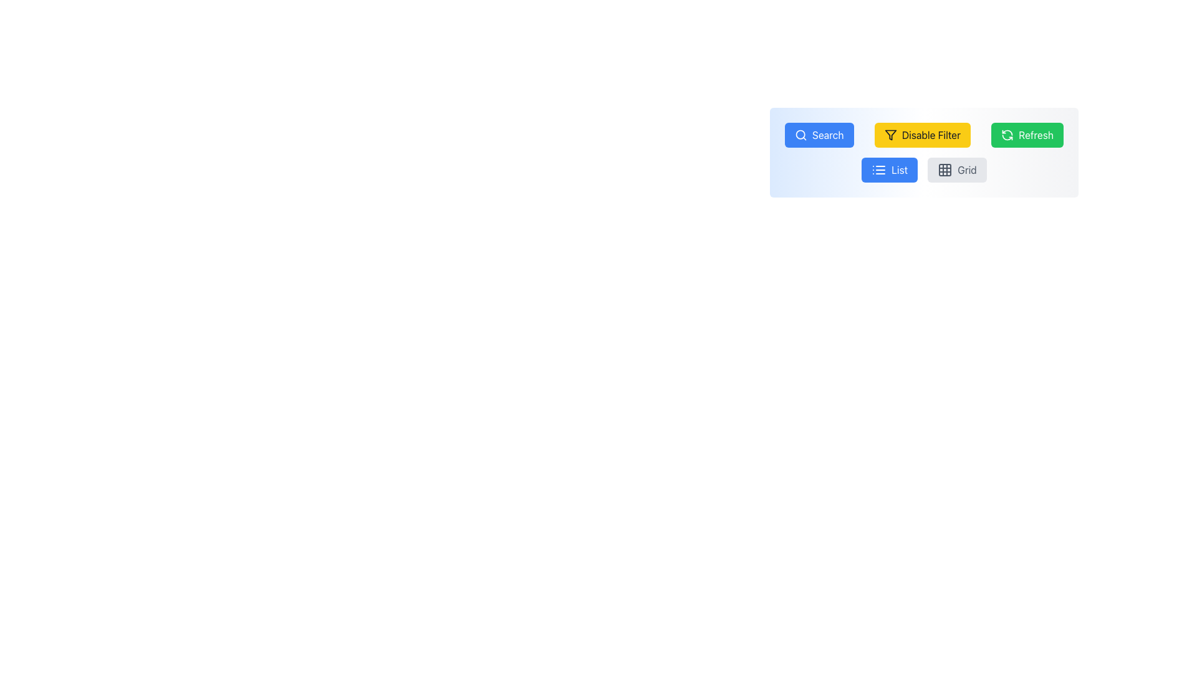 The height and width of the screenshot is (673, 1197). What do you see at coordinates (828, 135) in the screenshot?
I see `text label that says 'Search' located in the blue button at the top-left corner of the toolbar, associated with the search functionality` at bounding box center [828, 135].